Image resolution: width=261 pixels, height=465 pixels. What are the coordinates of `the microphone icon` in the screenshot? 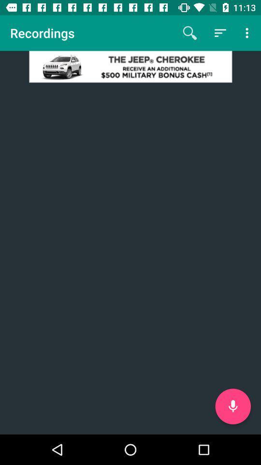 It's located at (232, 406).